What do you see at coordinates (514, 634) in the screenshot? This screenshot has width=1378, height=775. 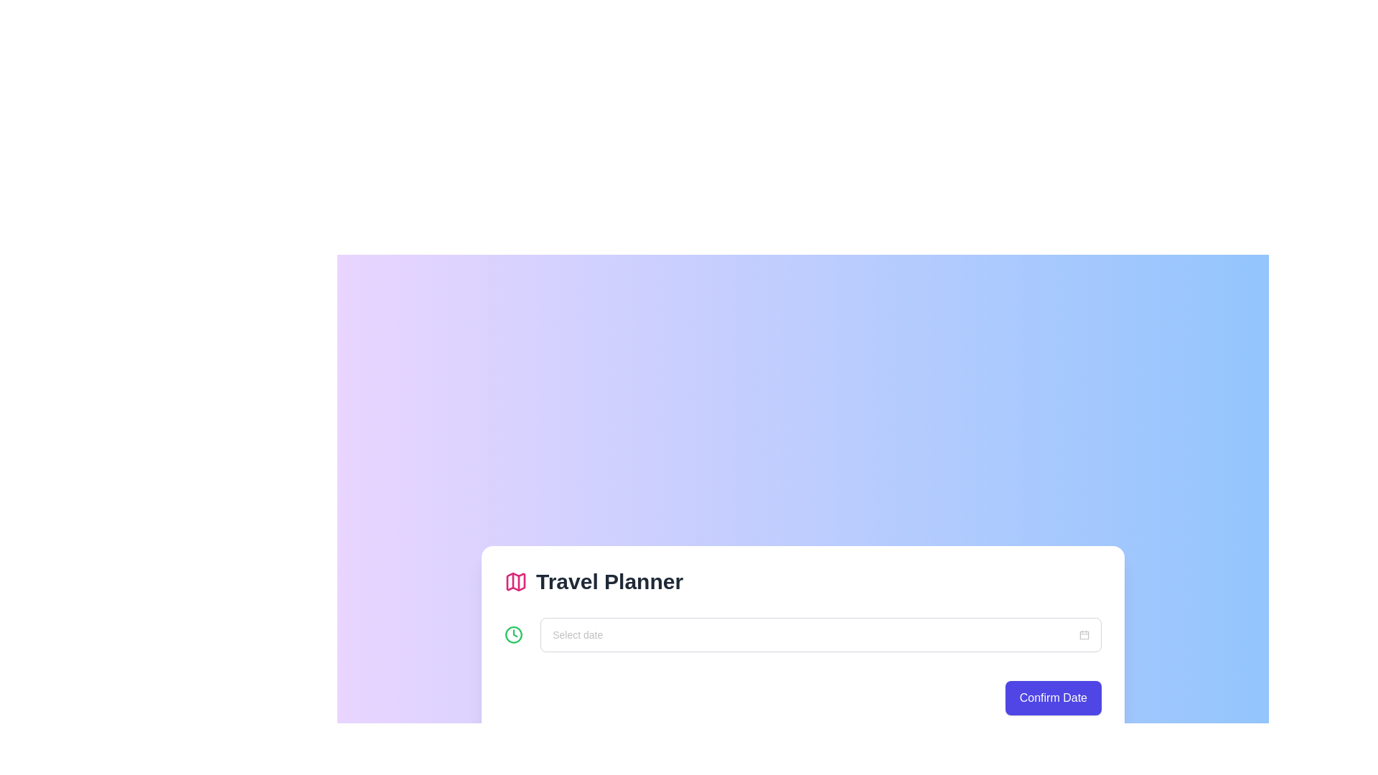 I see `the green circular icon part of the clock located to the left of the 'Select date' input field in the 'Travel Planner' interface` at bounding box center [514, 634].